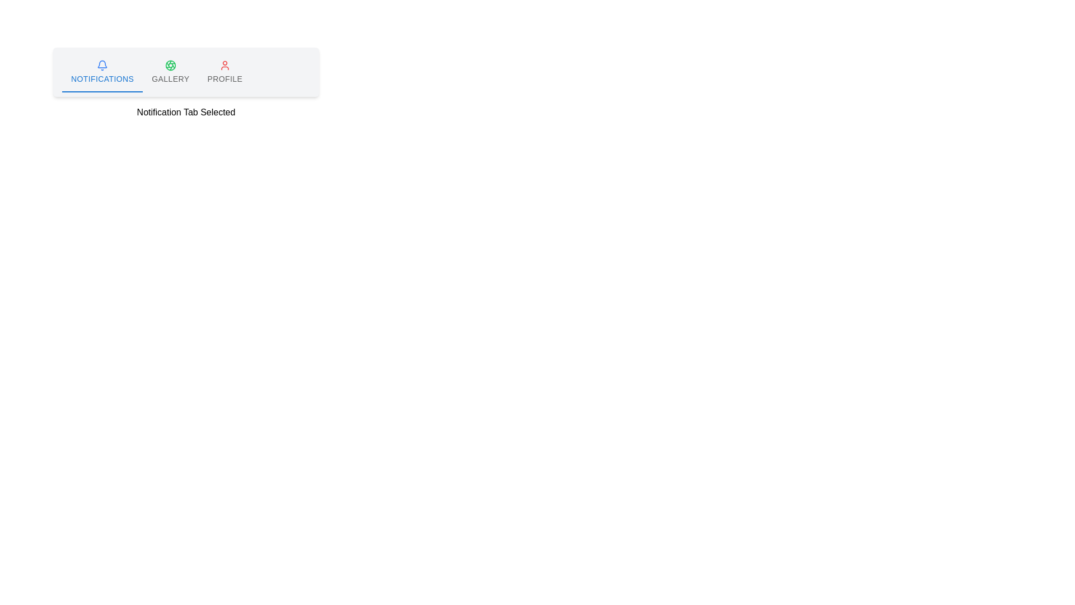 The image size is (1075, 605). Describe the element at coordinates (102, 72) in the screenshot. I see `the 'Notifications' tab, which is the first tab in the list with a blue label and bell icon` at that location.